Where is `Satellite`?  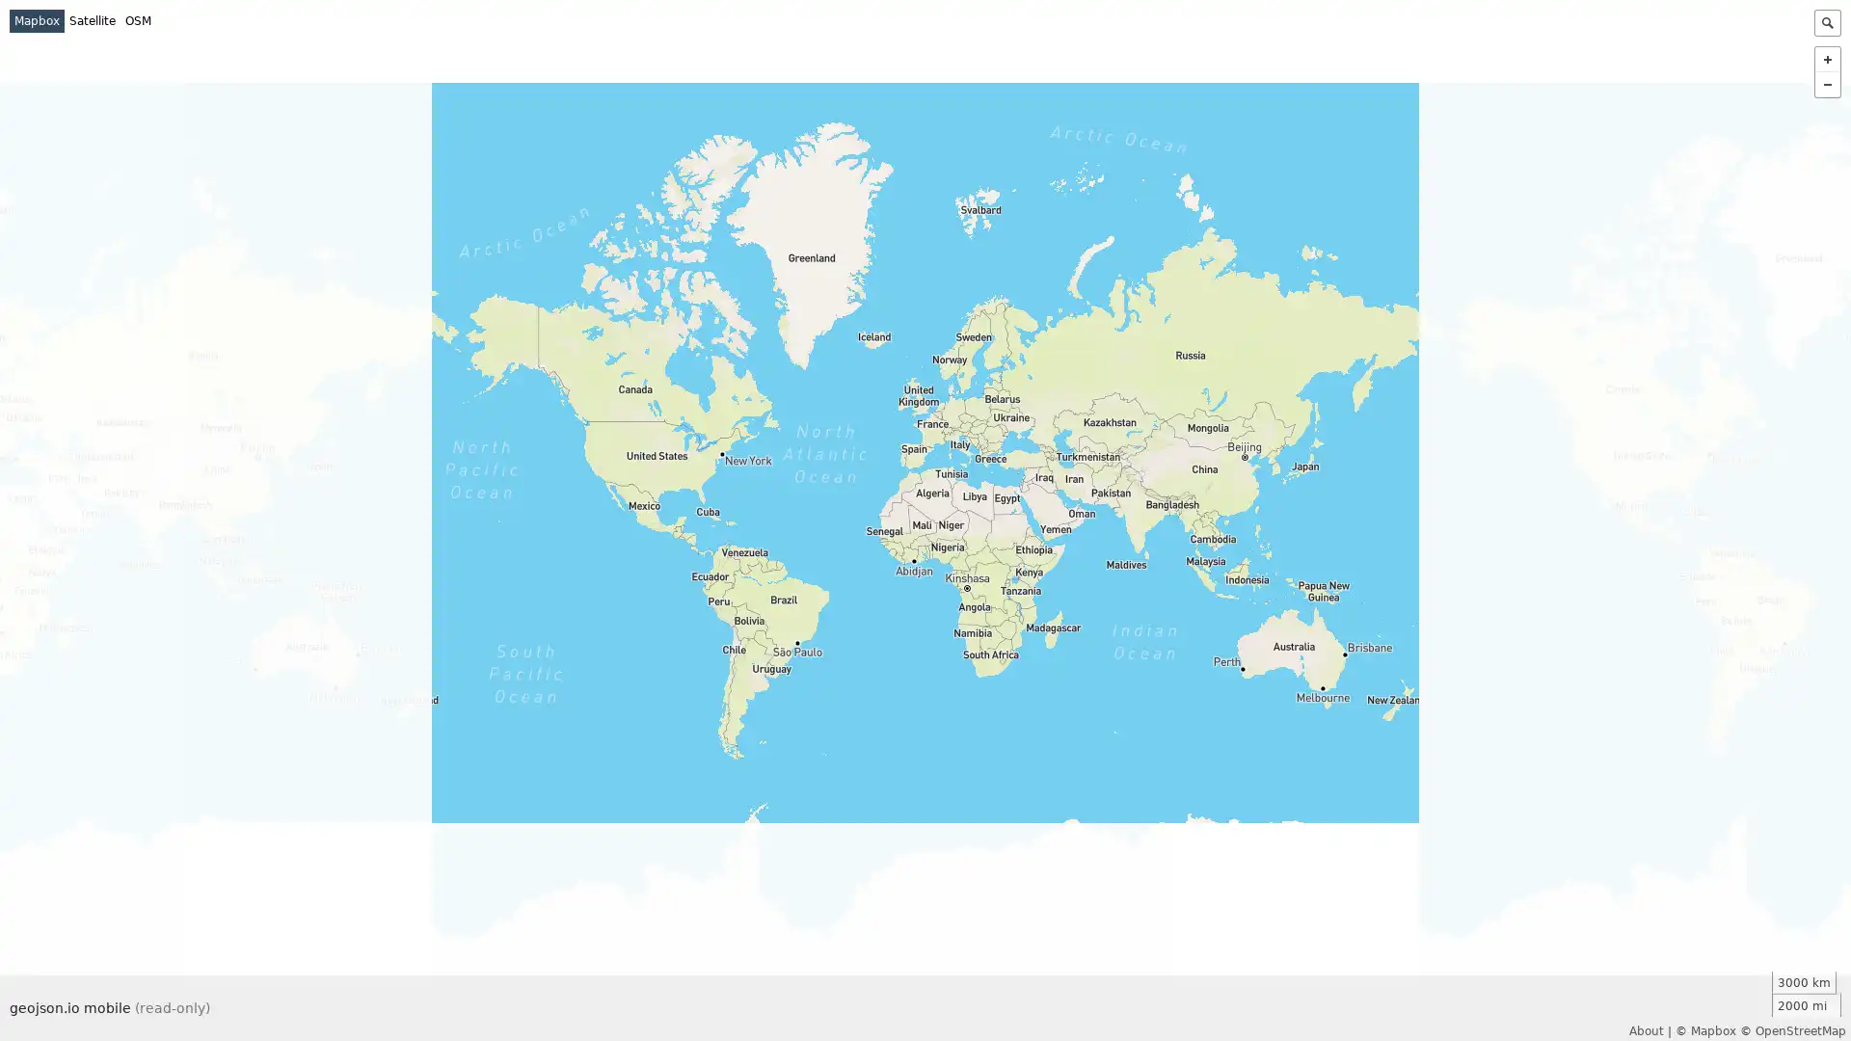 Satellite is located at coordinates (92, 21).